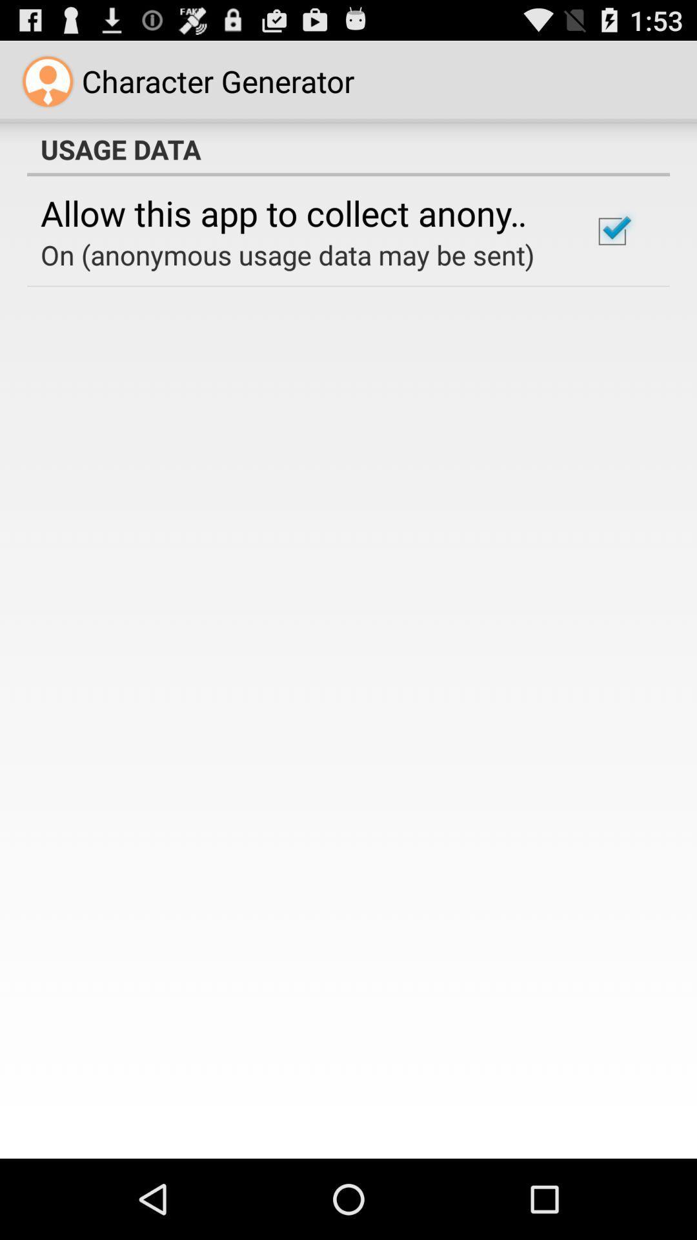  Describe the element at coordinates (299, 212) in the screenshot. I see `allow this app icon` at that location.